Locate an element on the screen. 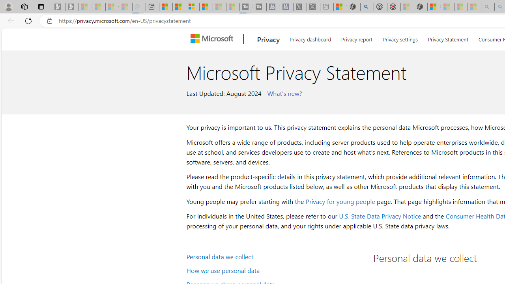 The image size is (505, 284). 'Privacy Statement' is located at coordinates (448, 38).